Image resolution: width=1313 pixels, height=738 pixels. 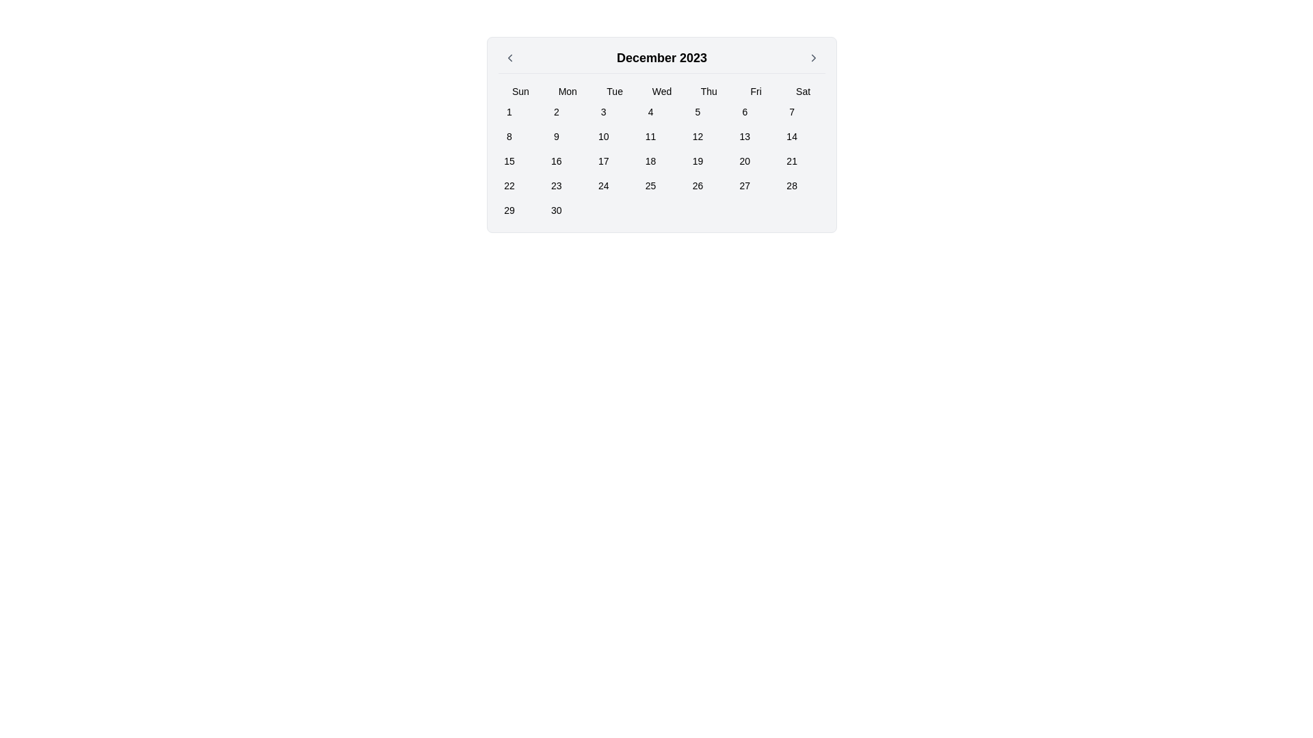 I want to click on the interactive date button located, so click(x=556, y=160).